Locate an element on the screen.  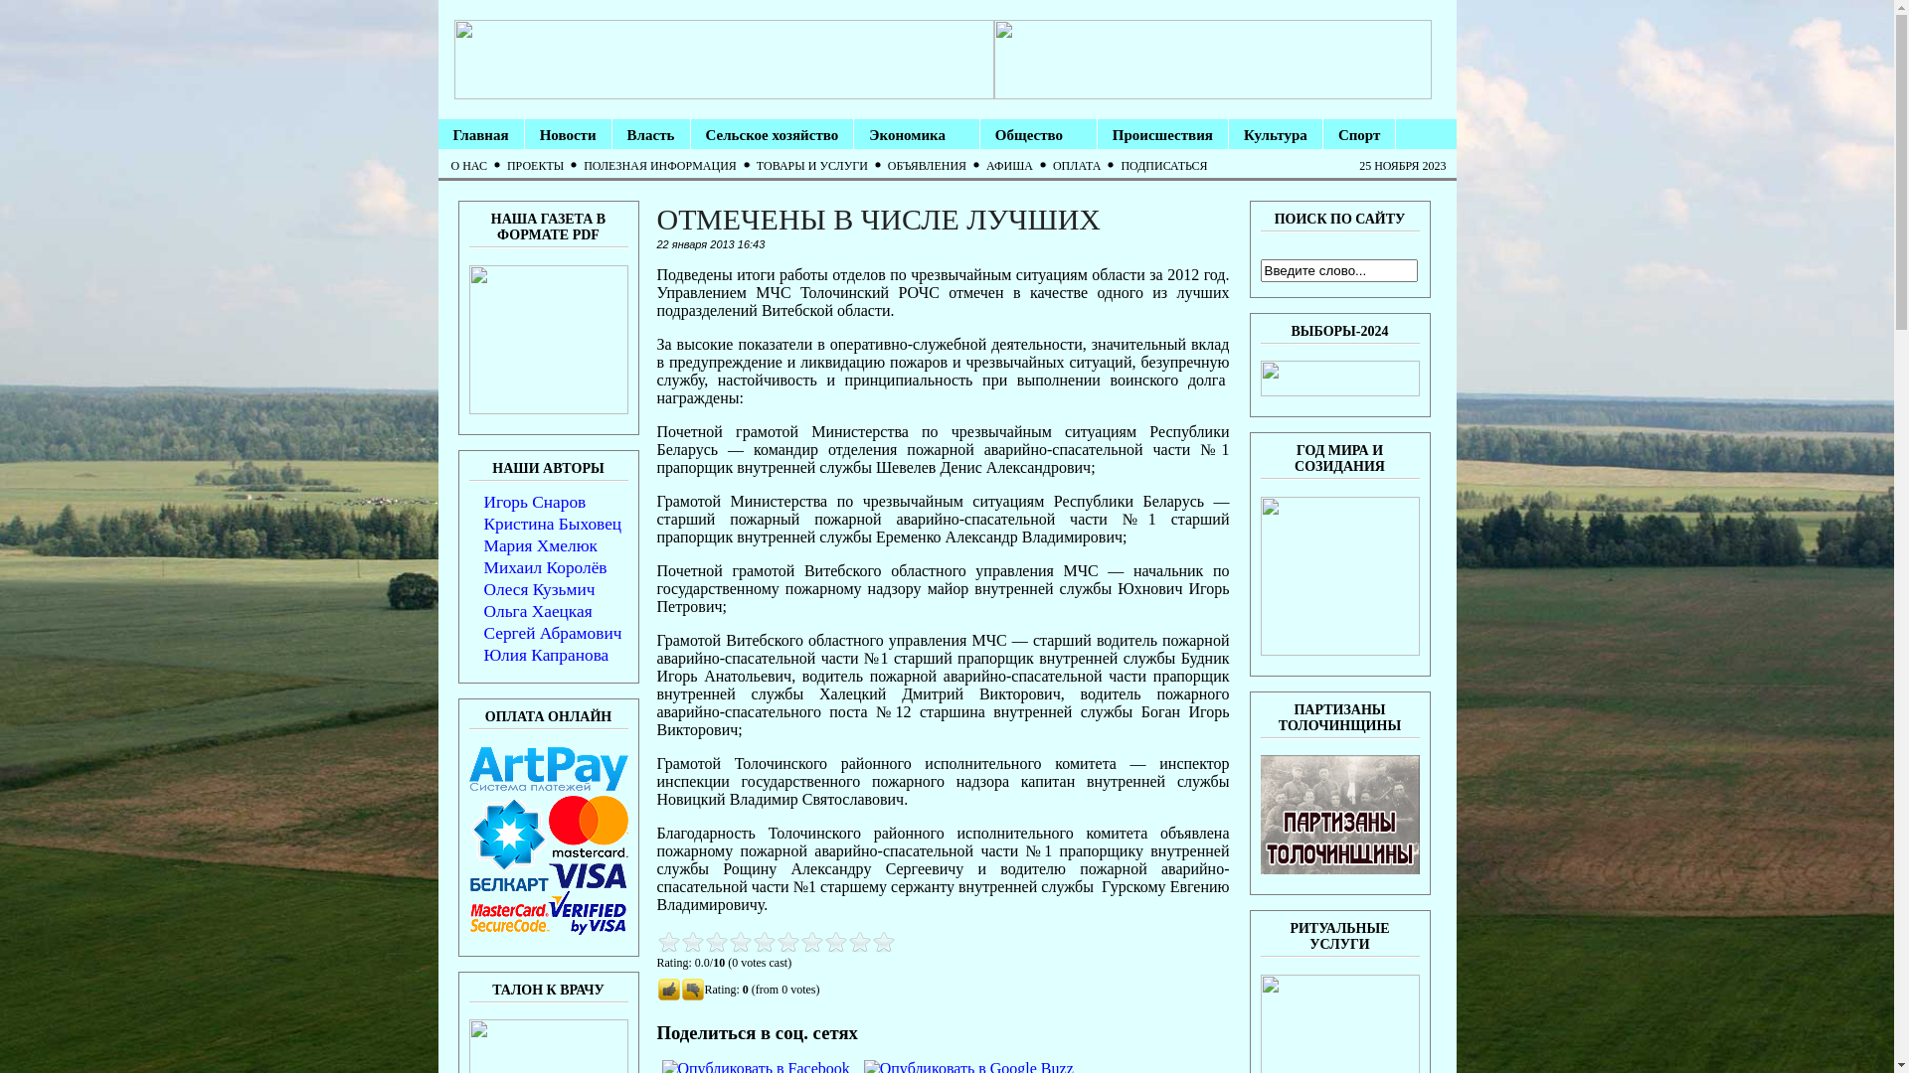
'6 / 10' is located at coordinates (656, 941).